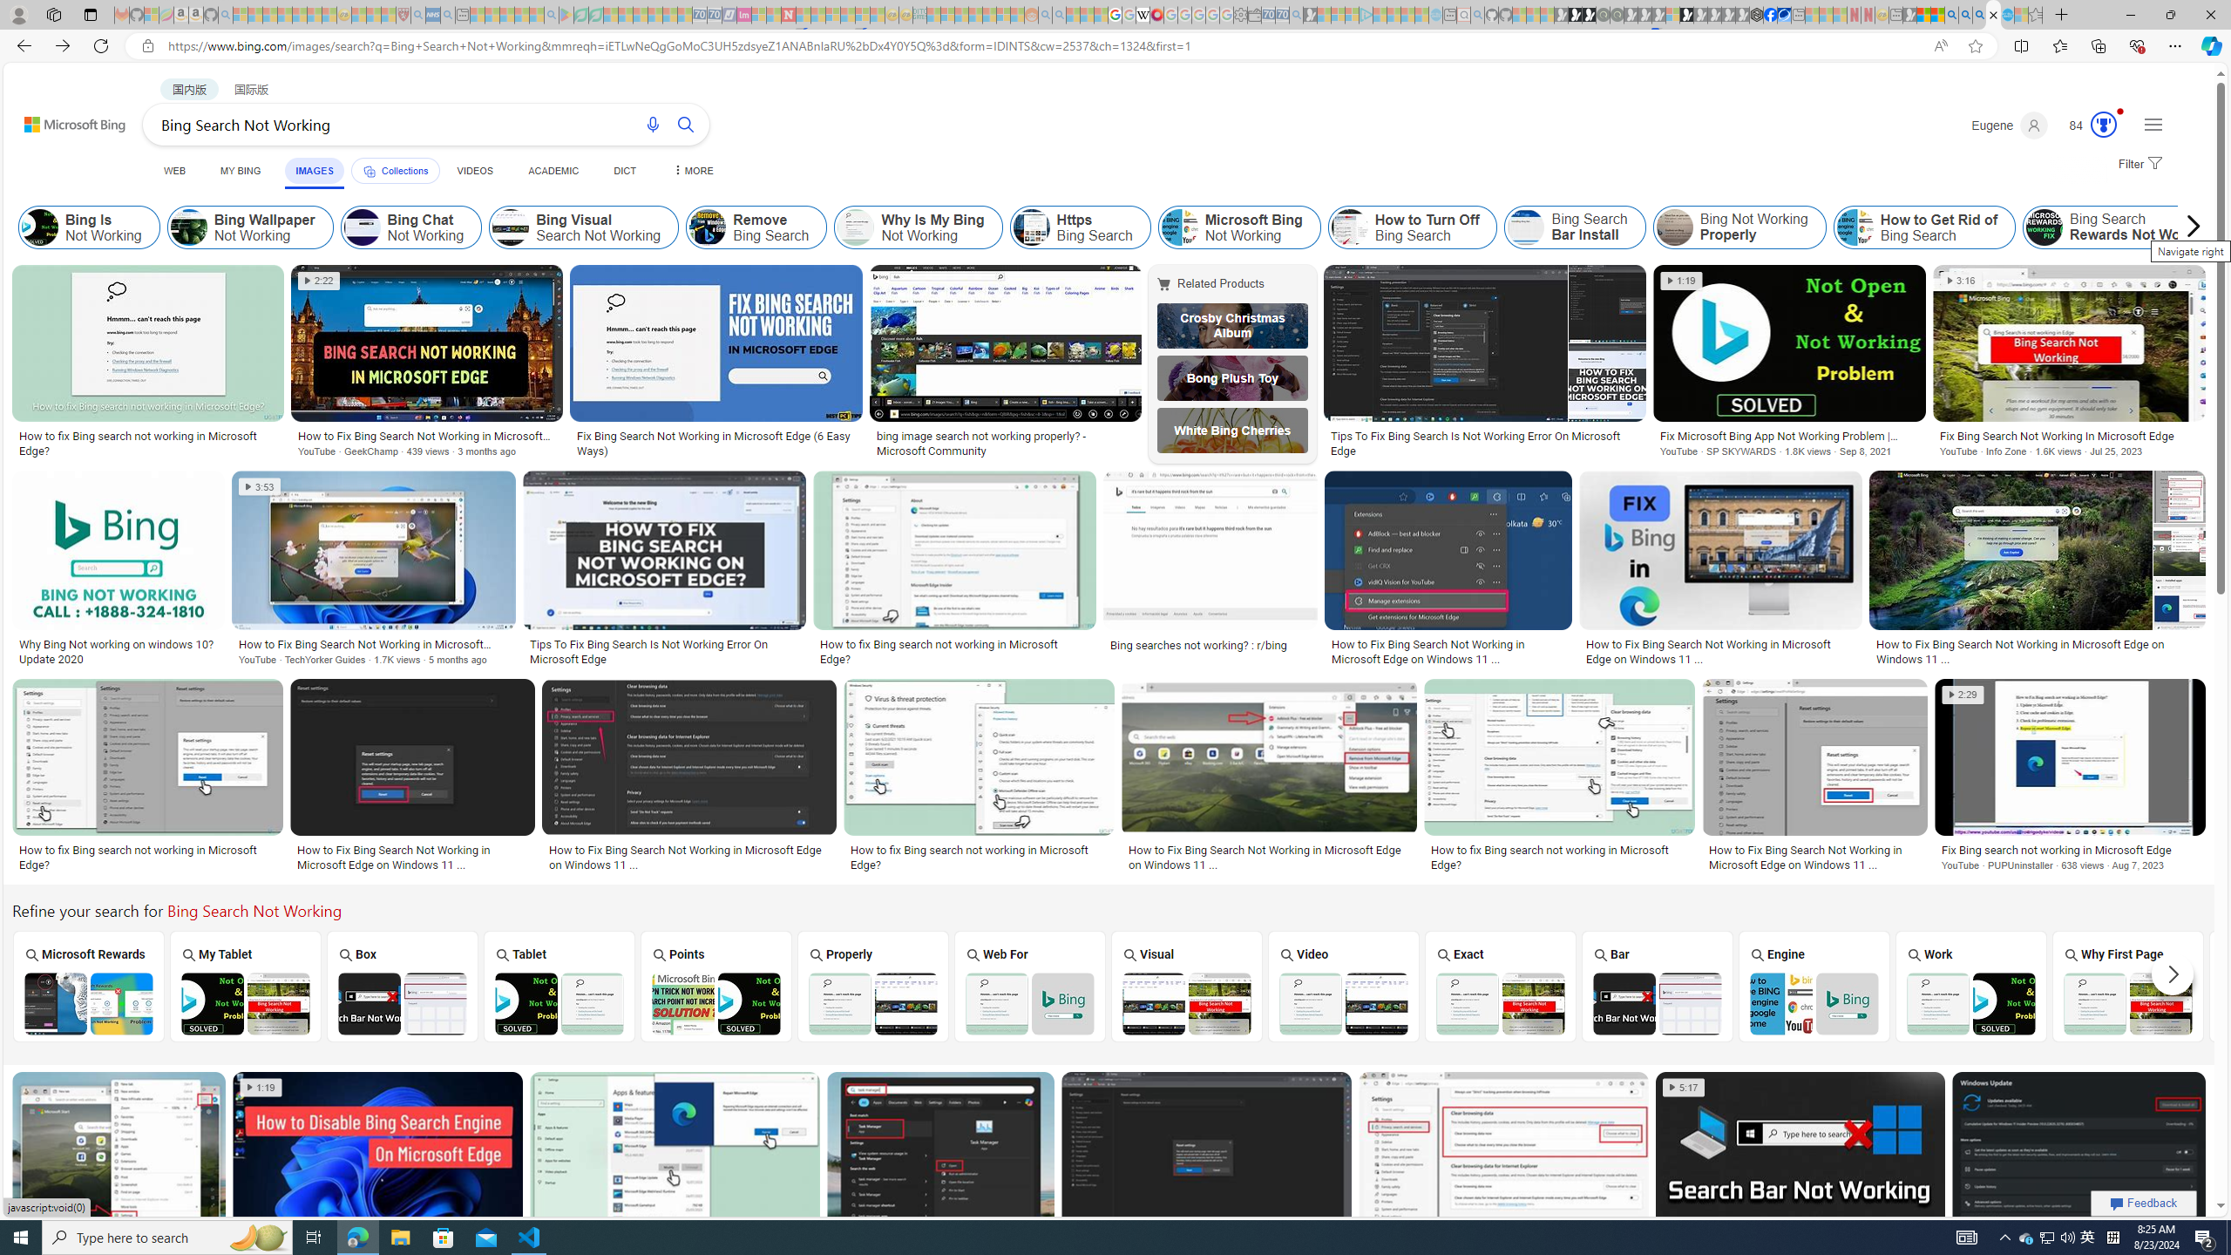 The height and width of the screenshot is (1255, 2231). What do you see at coordinates (402, 985) in the screenshot?
I see `'Bing Search Box Not Working Box'` at bounding box center [402, 985].